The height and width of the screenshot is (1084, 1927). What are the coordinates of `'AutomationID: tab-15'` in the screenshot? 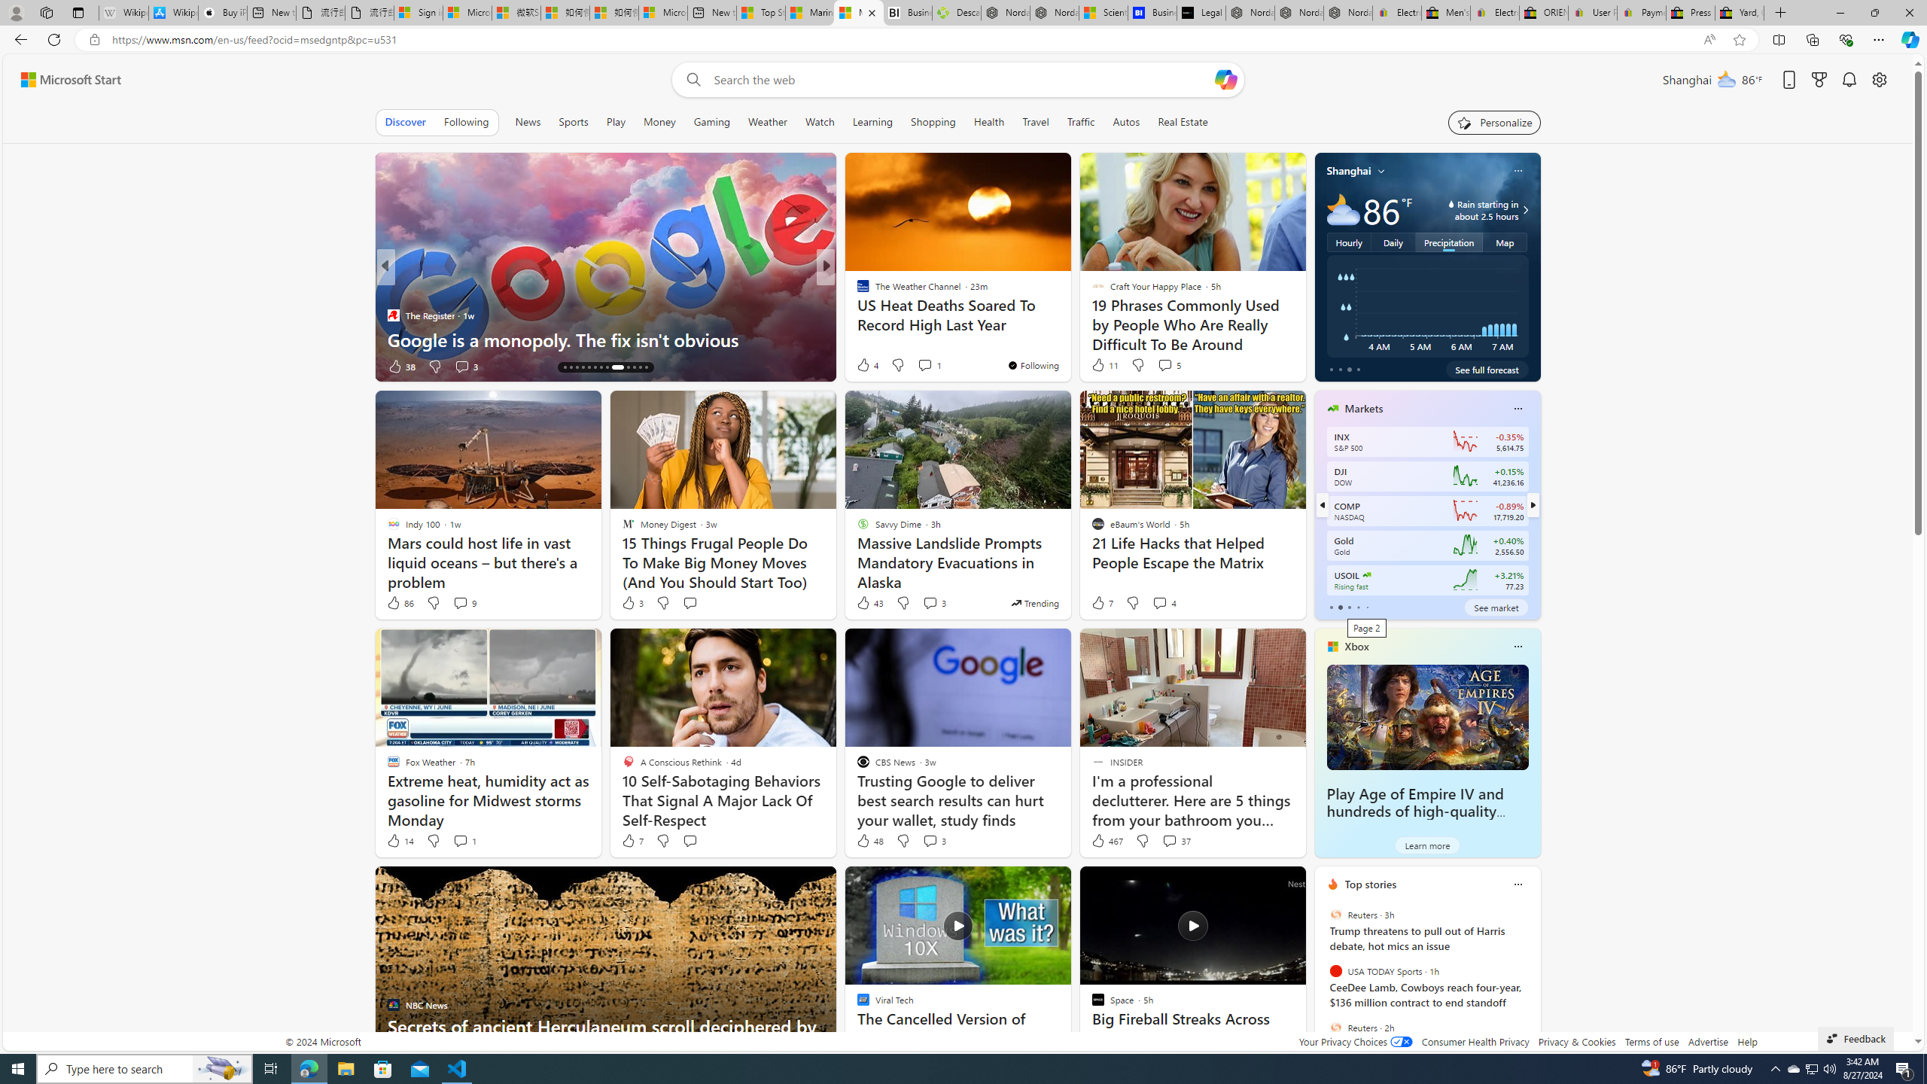 It's located at (571, 367).